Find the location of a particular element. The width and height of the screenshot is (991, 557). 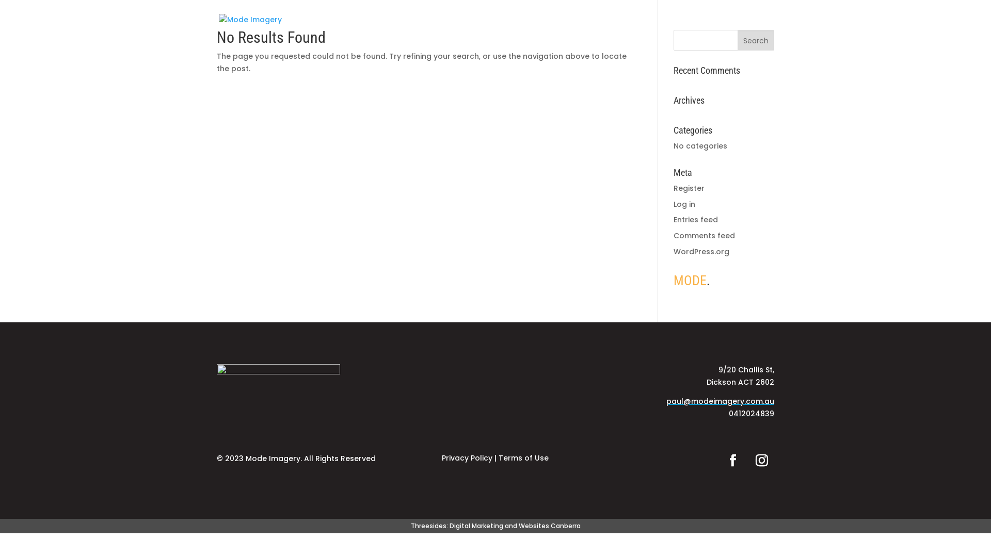

'0412024839' is located at coordinates (751, 413).